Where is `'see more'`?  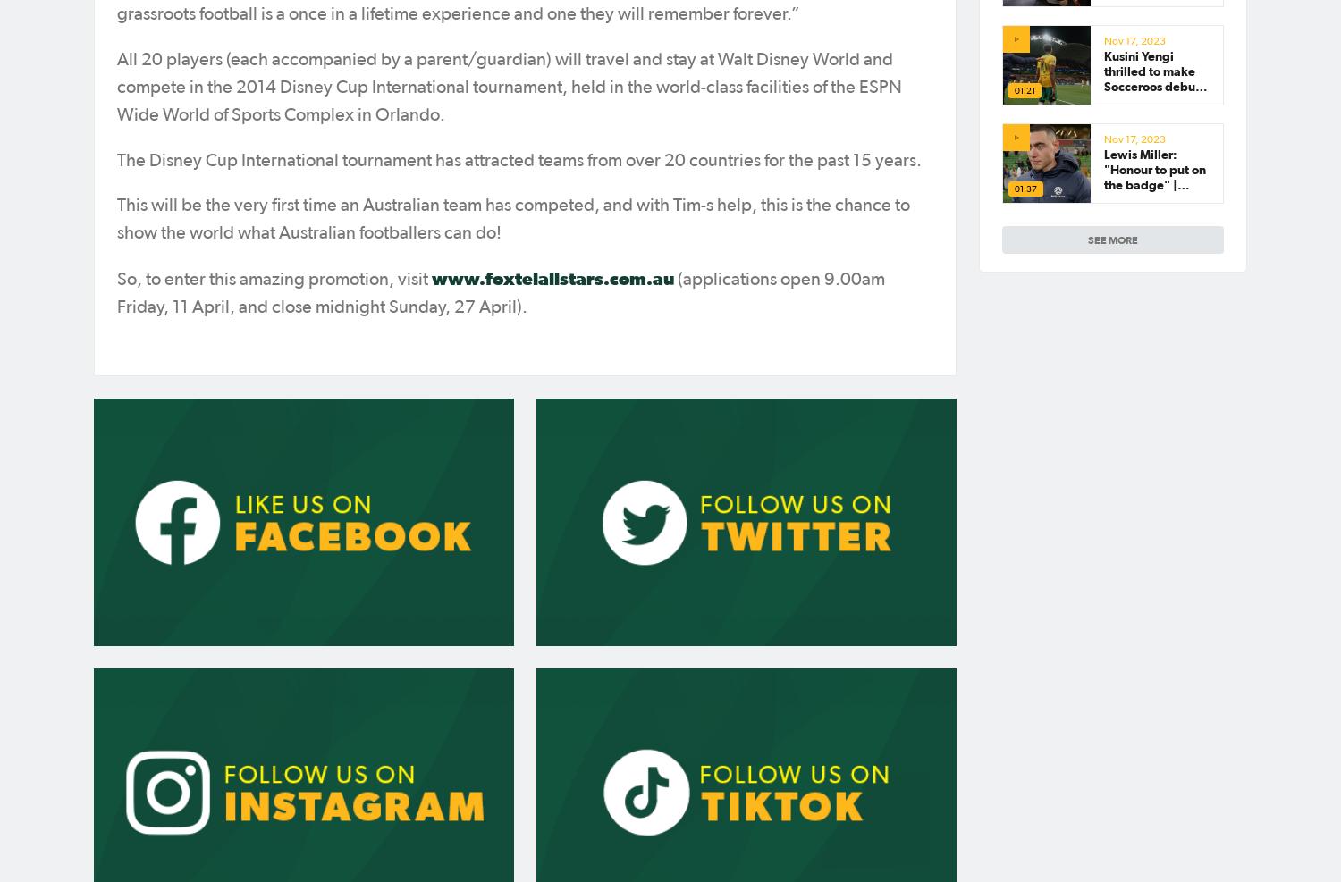 'see more' is located at coordinates (1112, 239).